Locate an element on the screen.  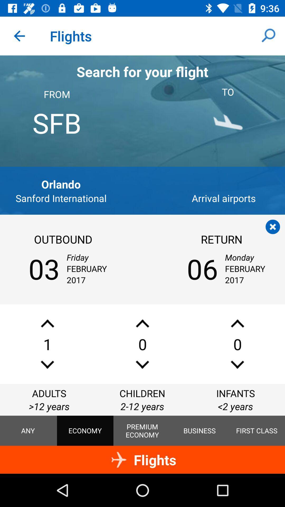
decrease number is located at coordinates (237, 364).